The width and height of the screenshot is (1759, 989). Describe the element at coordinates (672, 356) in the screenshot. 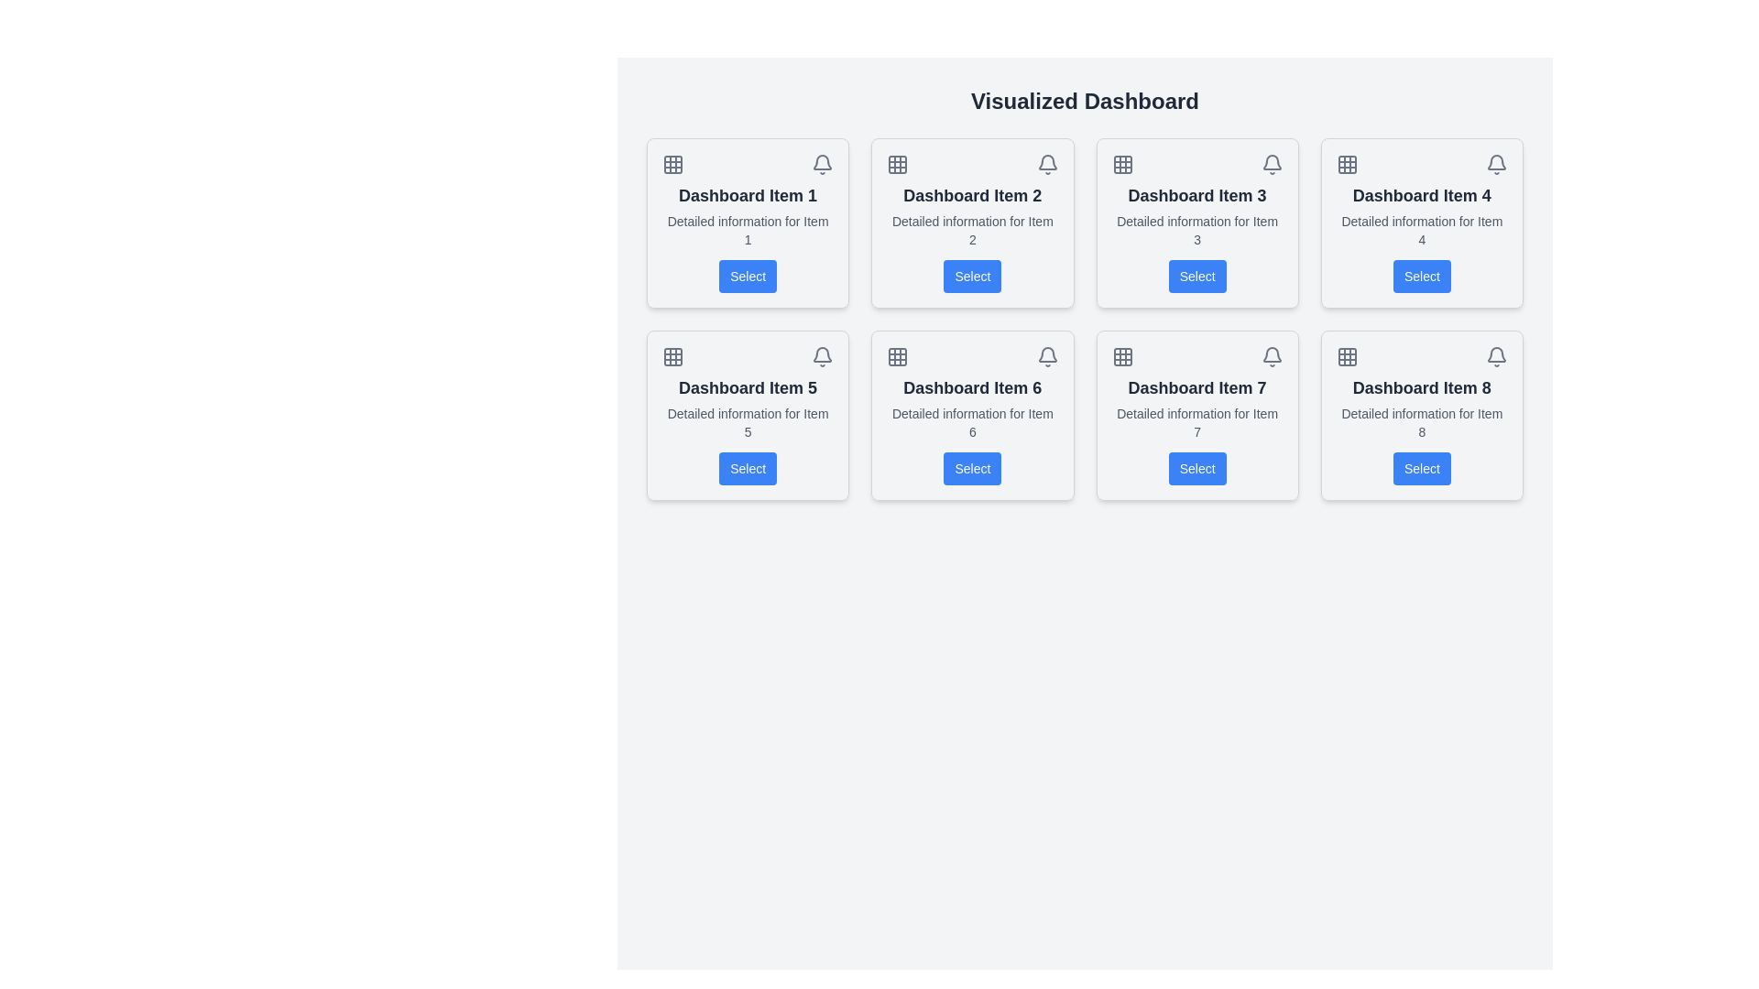

I see `the top-left square within the 3x3 grid icon located in the upper-left corner of the card labeled 'Dashboard Item 5' on the second row of the dashboard` at that location.